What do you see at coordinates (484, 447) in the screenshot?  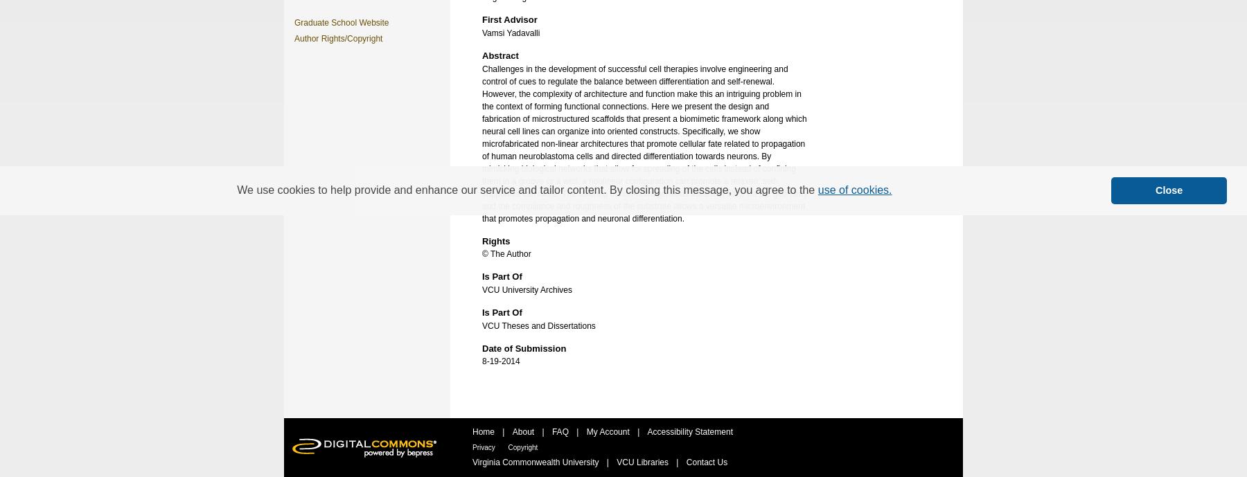 I see `'Privacy'` at bounding box center [484, 447].